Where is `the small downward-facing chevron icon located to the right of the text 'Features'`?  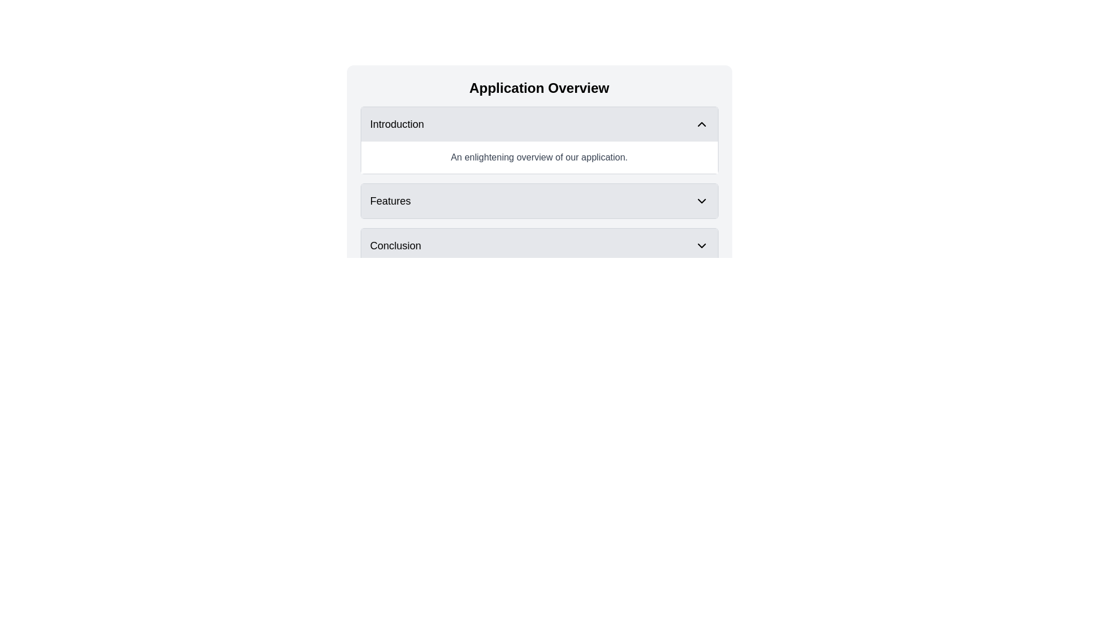
the small downward-facing chevron icon located to the right of the text 'Features' is located at coordinates (701, 201).